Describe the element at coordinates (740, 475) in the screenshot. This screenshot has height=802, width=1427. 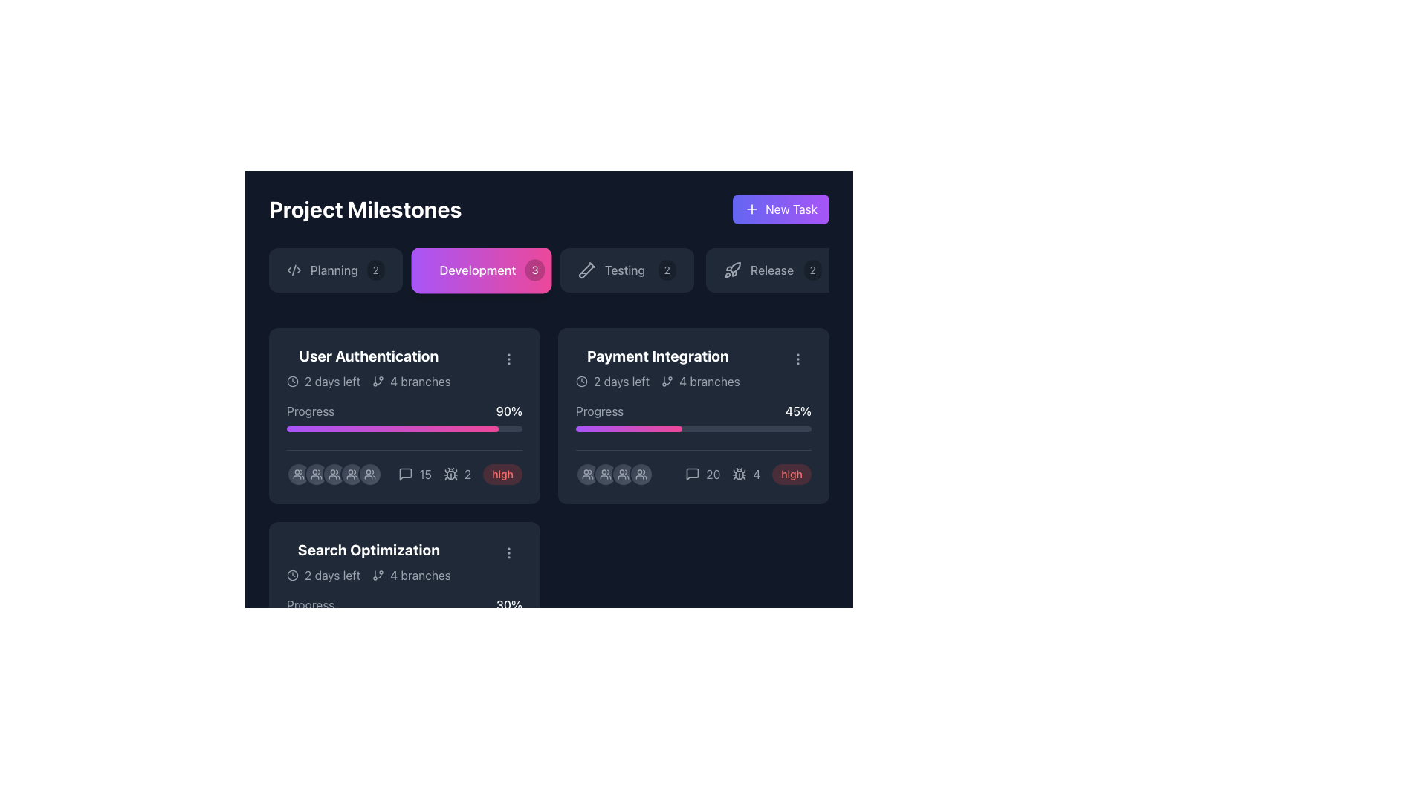
I see `the bug icon located in the 'Payment Integration' section, which is positioned to the left of the gray text '4'` at that location.